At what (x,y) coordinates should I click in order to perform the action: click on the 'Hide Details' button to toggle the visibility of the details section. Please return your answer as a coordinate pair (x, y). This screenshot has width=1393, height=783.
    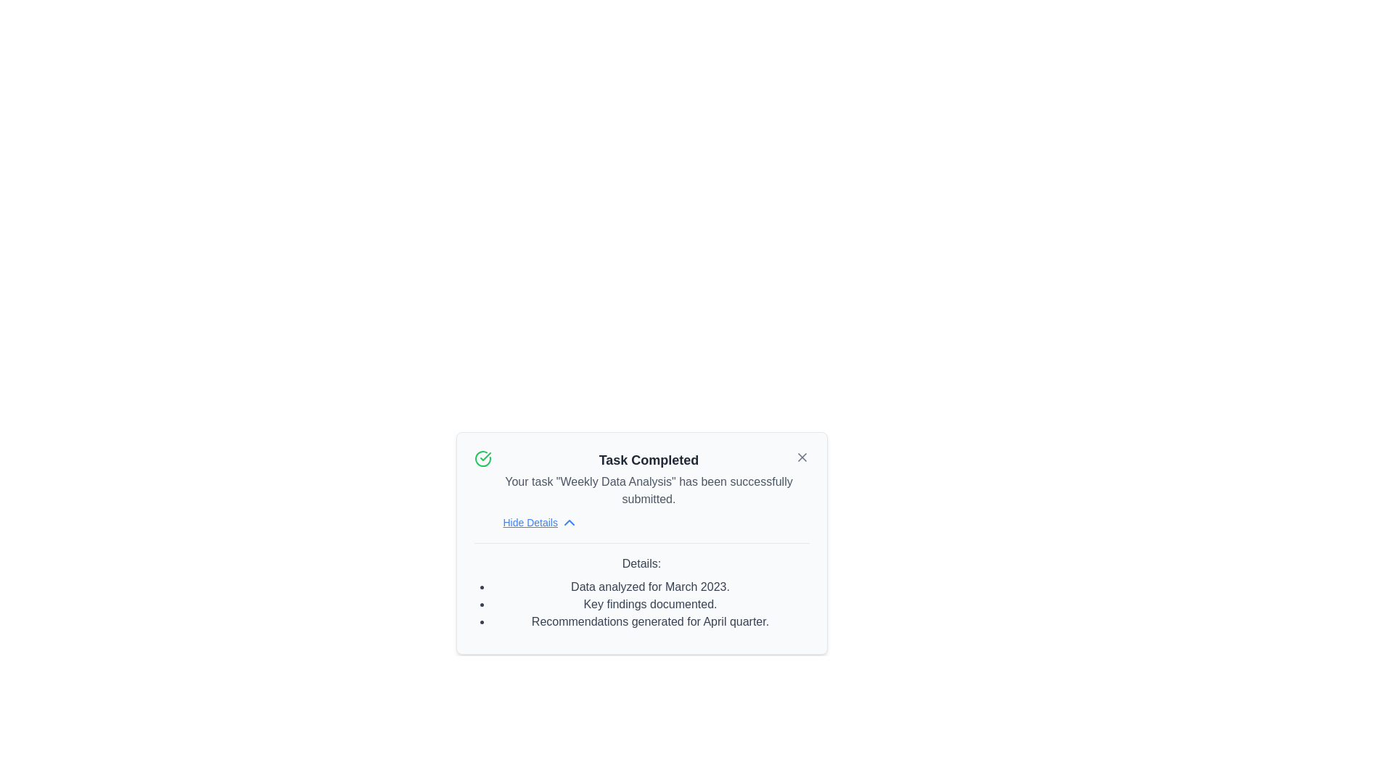
    Looking at the image, I should click on (539, 523).